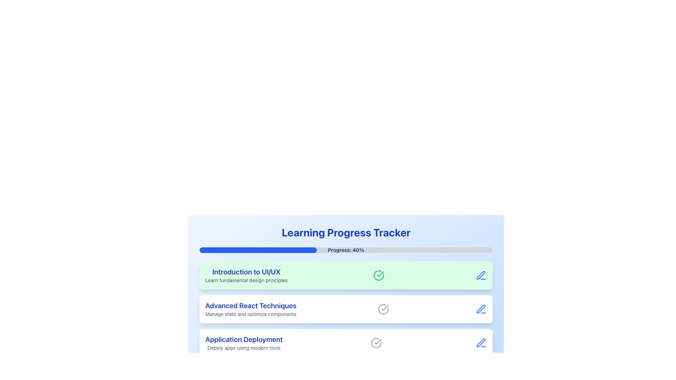  What do you see at coordinates (251, 309) in the screenshot?
I see `the Text Block with Title 'Advanced React Techniques' that provides information about managing state and optimizing components, located under 'Learning Progress Tracker.'` at bounding box center [251, 309].